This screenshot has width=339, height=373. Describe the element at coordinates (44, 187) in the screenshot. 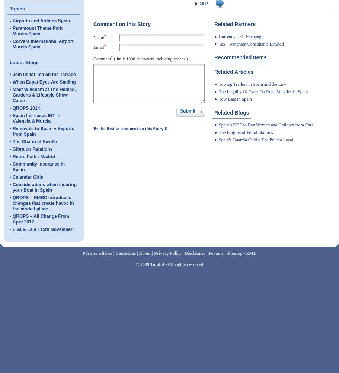

I see `'Considerations when Insuring your Boat in Spain'` at that location.